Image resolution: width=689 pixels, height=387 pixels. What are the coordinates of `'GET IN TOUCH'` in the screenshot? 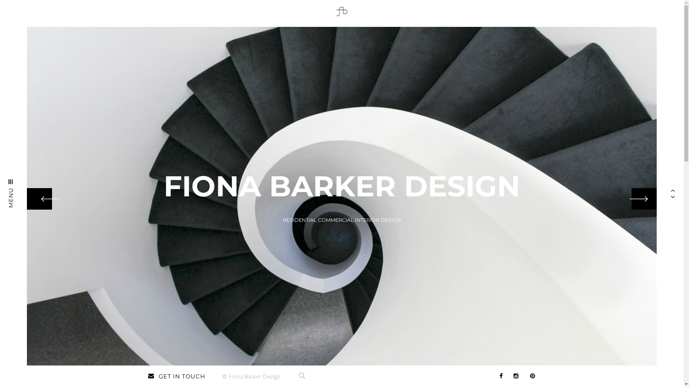 It's located at (147, 376).